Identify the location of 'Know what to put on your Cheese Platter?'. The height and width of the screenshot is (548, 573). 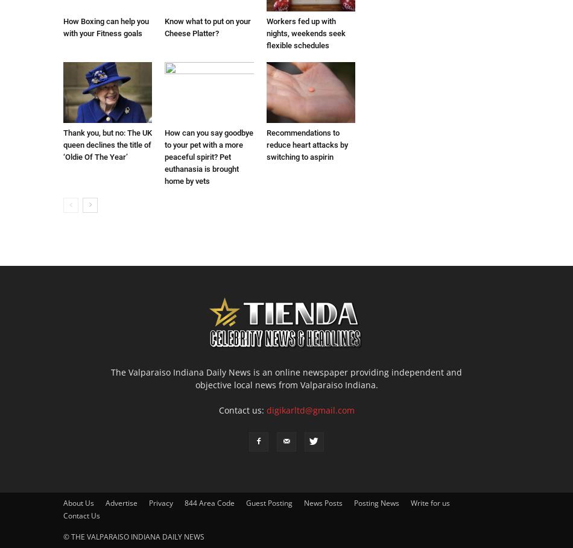
(207, 27).